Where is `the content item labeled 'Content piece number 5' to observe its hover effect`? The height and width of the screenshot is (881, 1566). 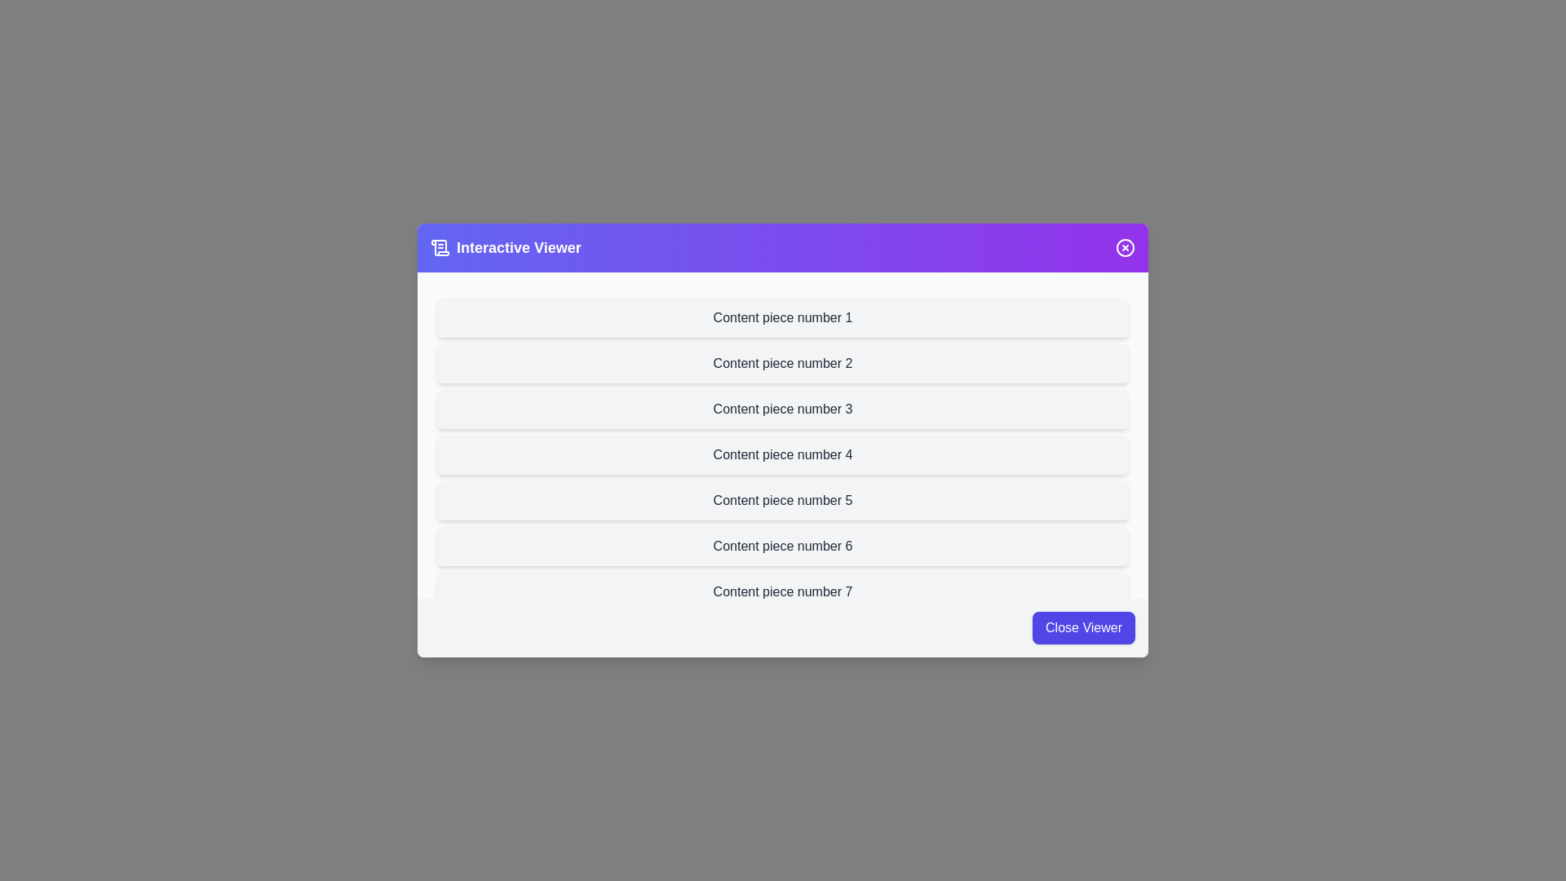
the content item labeled 'Content piece number 5' to observe its hover effect is located at coordinates (783, 499).